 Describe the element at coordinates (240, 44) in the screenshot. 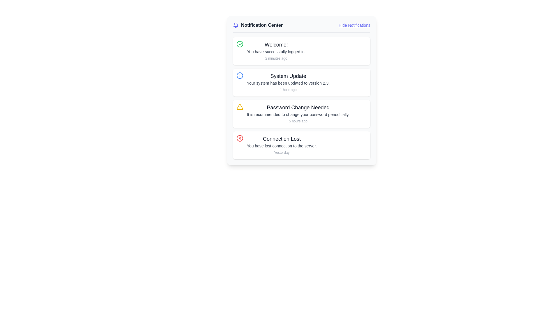

I see `outer circle of the success icon in the first notification card, which is adjacent to the text 'Welcome!', using the developer tools` at that location.